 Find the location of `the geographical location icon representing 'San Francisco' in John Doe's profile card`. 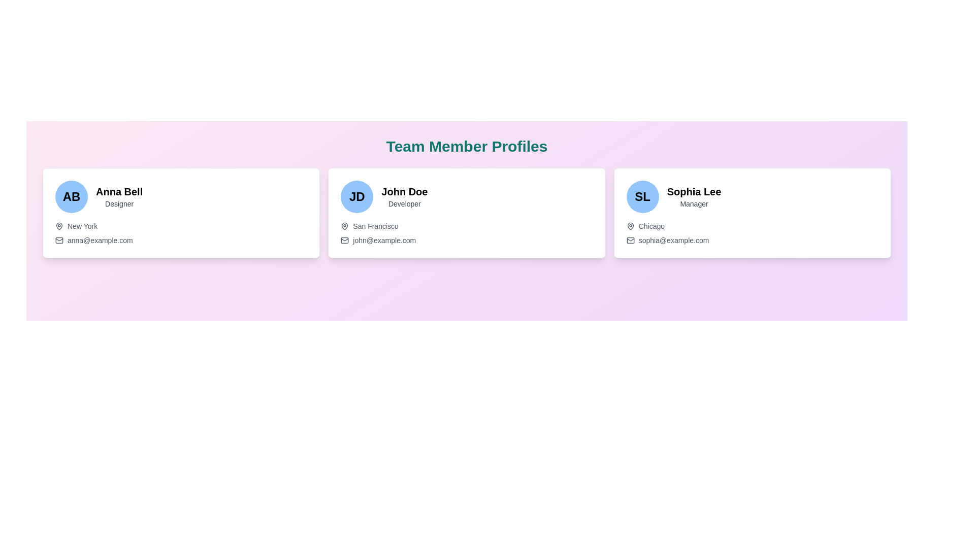

the geographical location icon representing 'San Francisco' in John Doe's profile card is located at coordinates (345, 226).